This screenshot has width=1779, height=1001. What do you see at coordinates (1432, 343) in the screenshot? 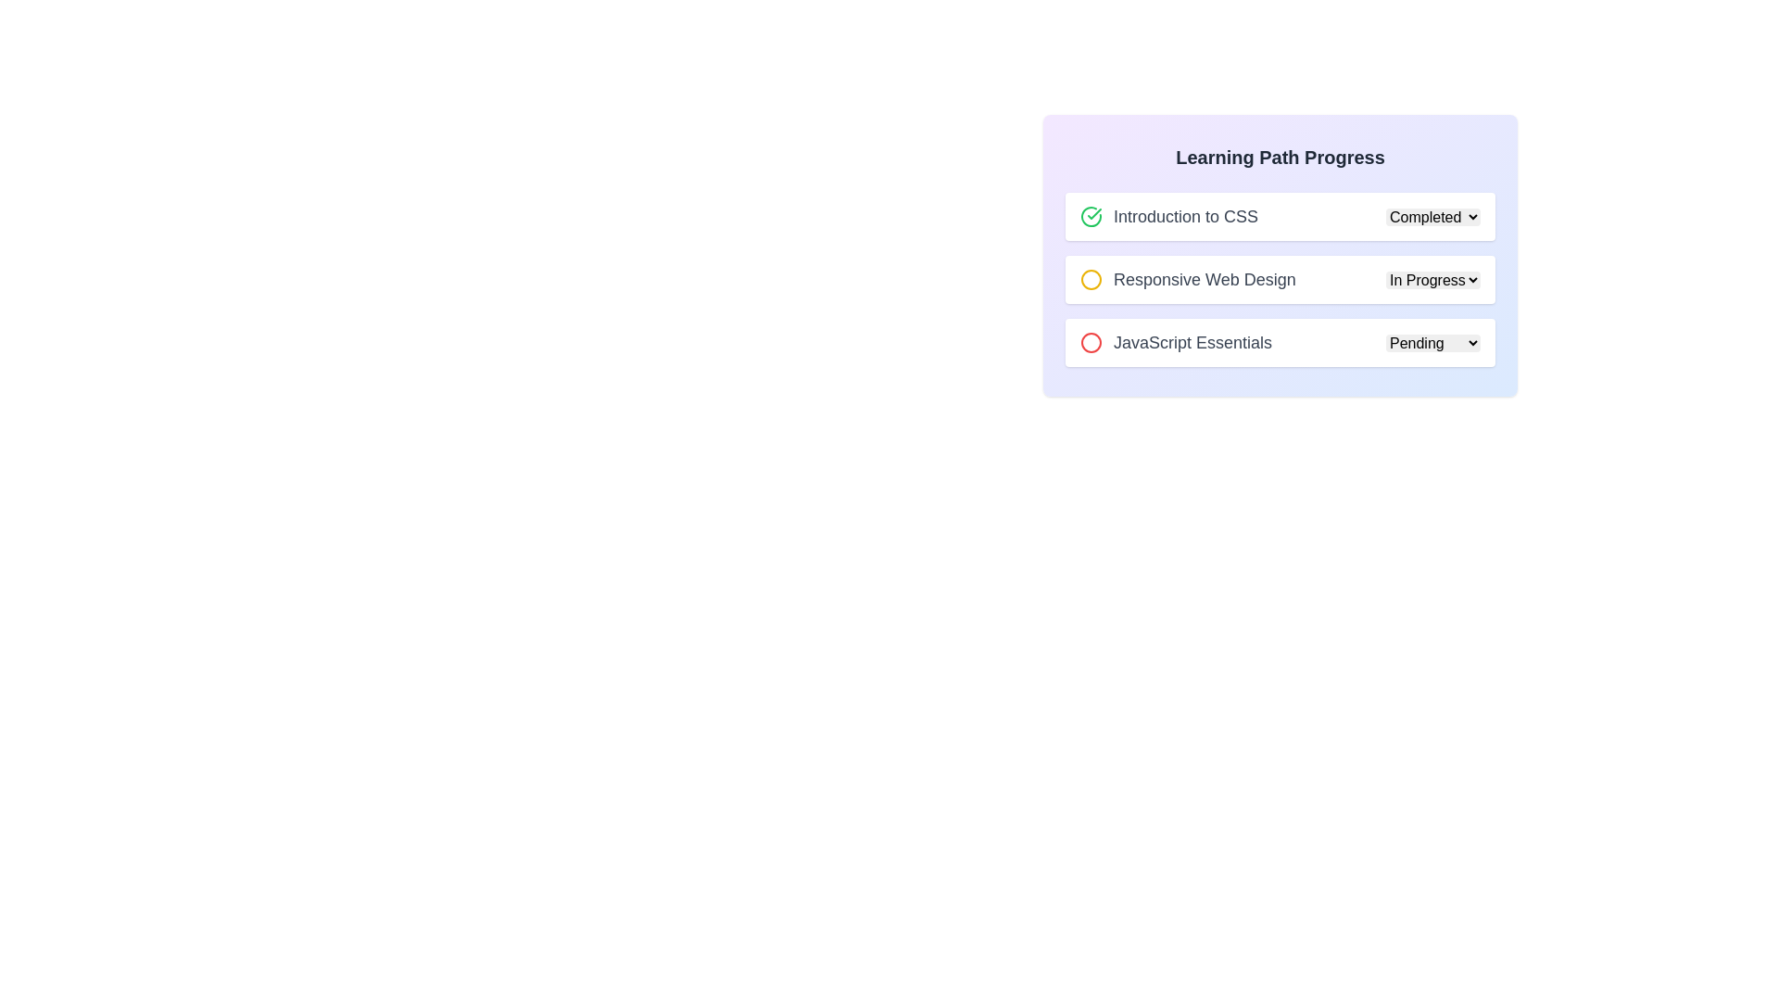
I see `the dropdown menu for selecting the status of the 'JavaScript Essentials' course using keyboard shortcuts` at bounding box center [1432, 343].